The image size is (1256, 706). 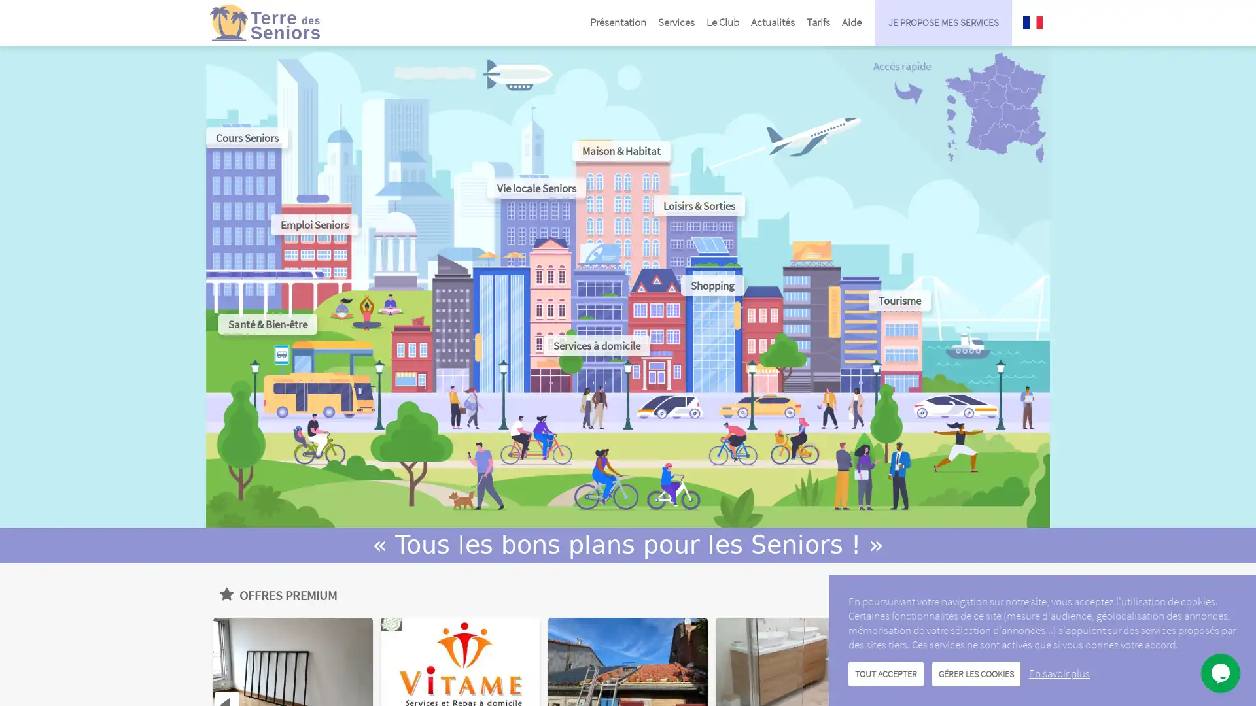 I want to click on GERER LES COOKIES, so click(x=976, y=673).